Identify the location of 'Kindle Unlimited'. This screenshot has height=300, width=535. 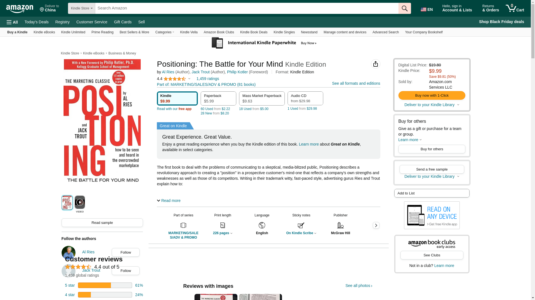
(73, 32).